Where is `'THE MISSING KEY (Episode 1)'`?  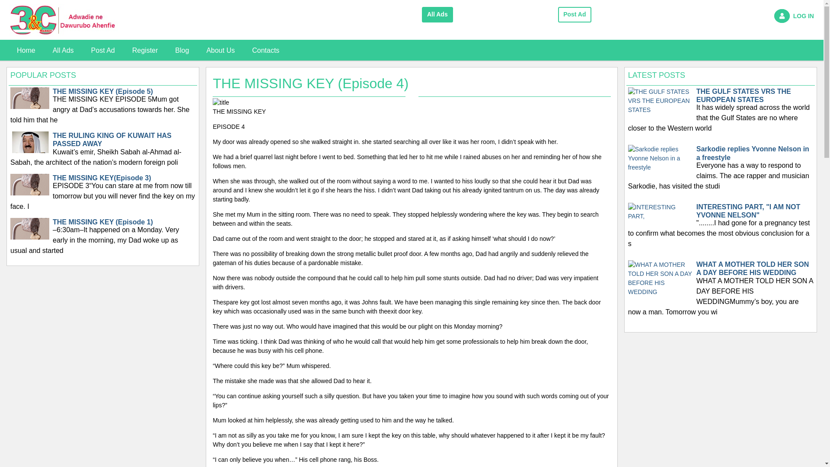
'THE MISSING KEY (Episode 1)' is located at coordinates (29, 237).